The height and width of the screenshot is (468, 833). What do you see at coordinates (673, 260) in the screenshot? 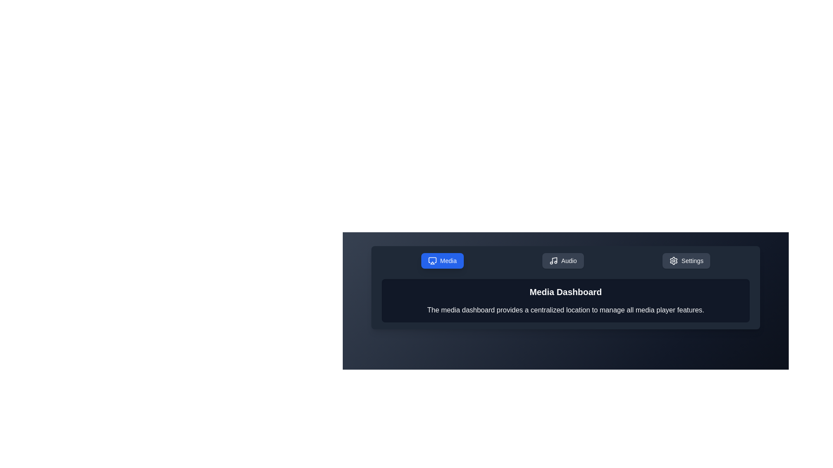
I see `the settings icon located at the center of the 'Settings' button in the media dashboard interface` at bounding box center [673, 260].